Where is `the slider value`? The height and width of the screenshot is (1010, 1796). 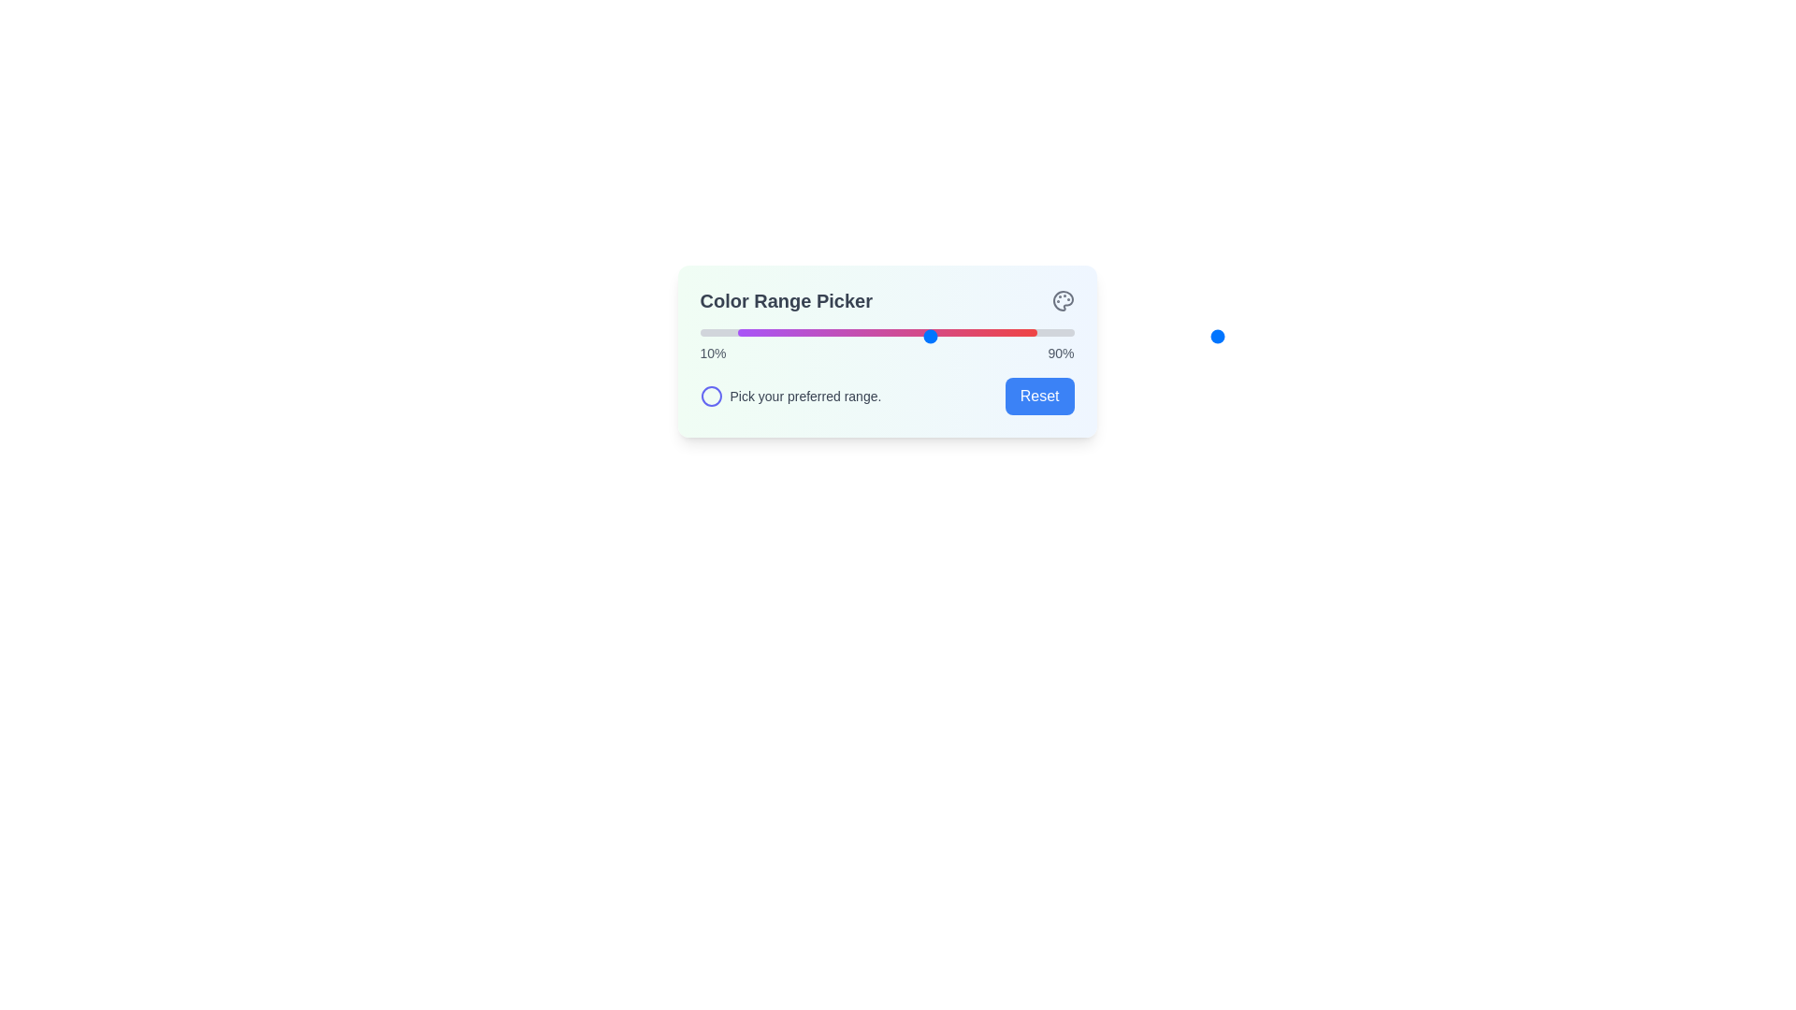 the slider value is located at coordinates (833, 331).